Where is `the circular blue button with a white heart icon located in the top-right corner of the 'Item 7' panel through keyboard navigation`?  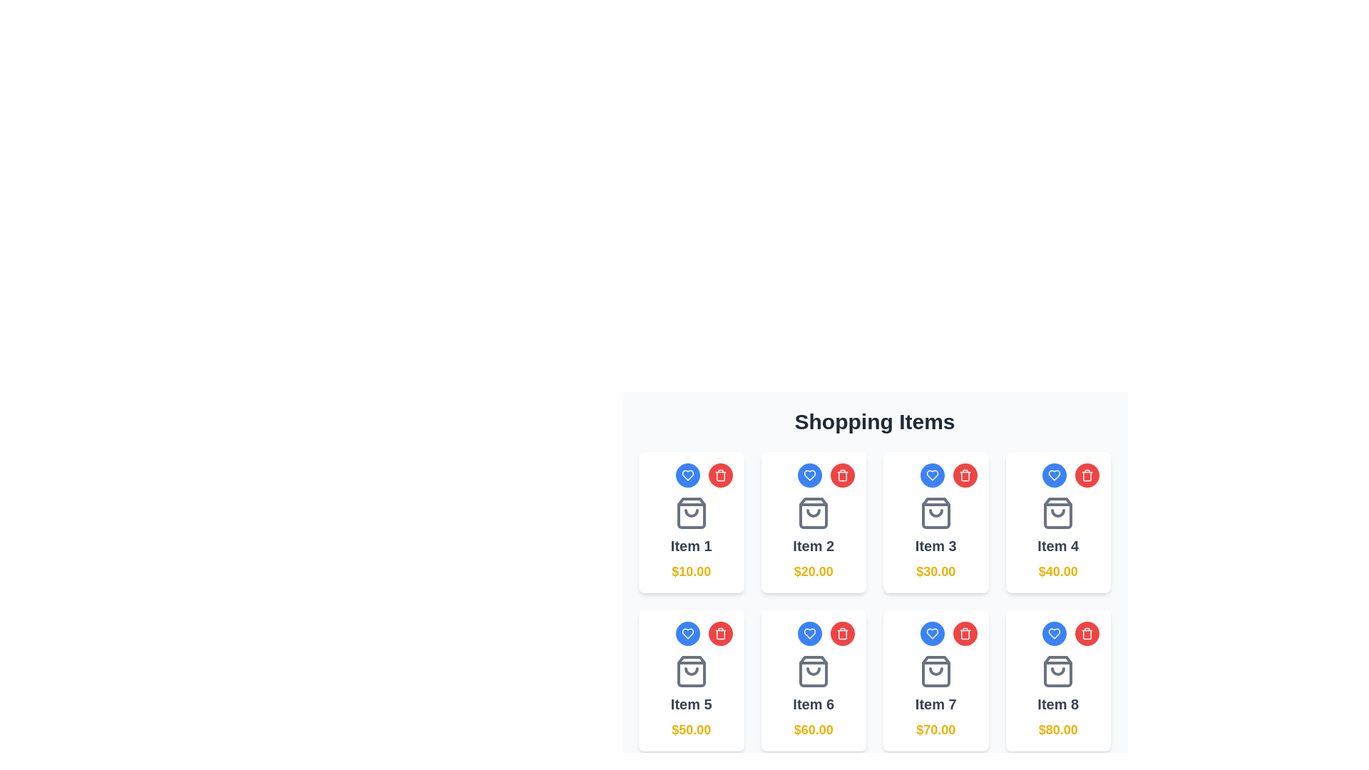 the circular blue button with a white heart icon located in the top-right corner of the 'Item 7' panel through keyboard navigation is located at coordinates (935, 632).